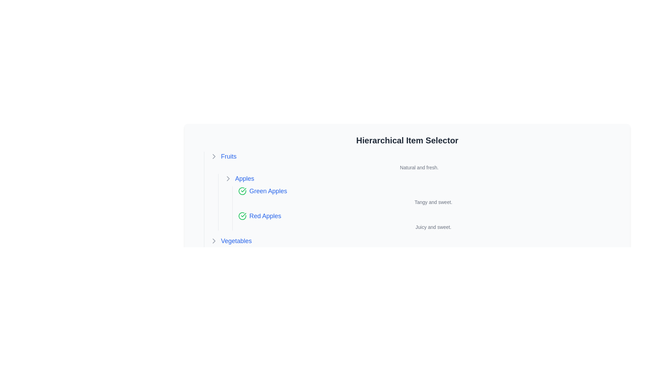 This screenshot has height=374, width=665. Describe the element at coordinates (428, 221) in the screenshot. I see `the Text Label displaying 'Red Apples', which is the 2nd item in the list of apple varieties, providing the description 'Juicy and sweet.'` at that location.